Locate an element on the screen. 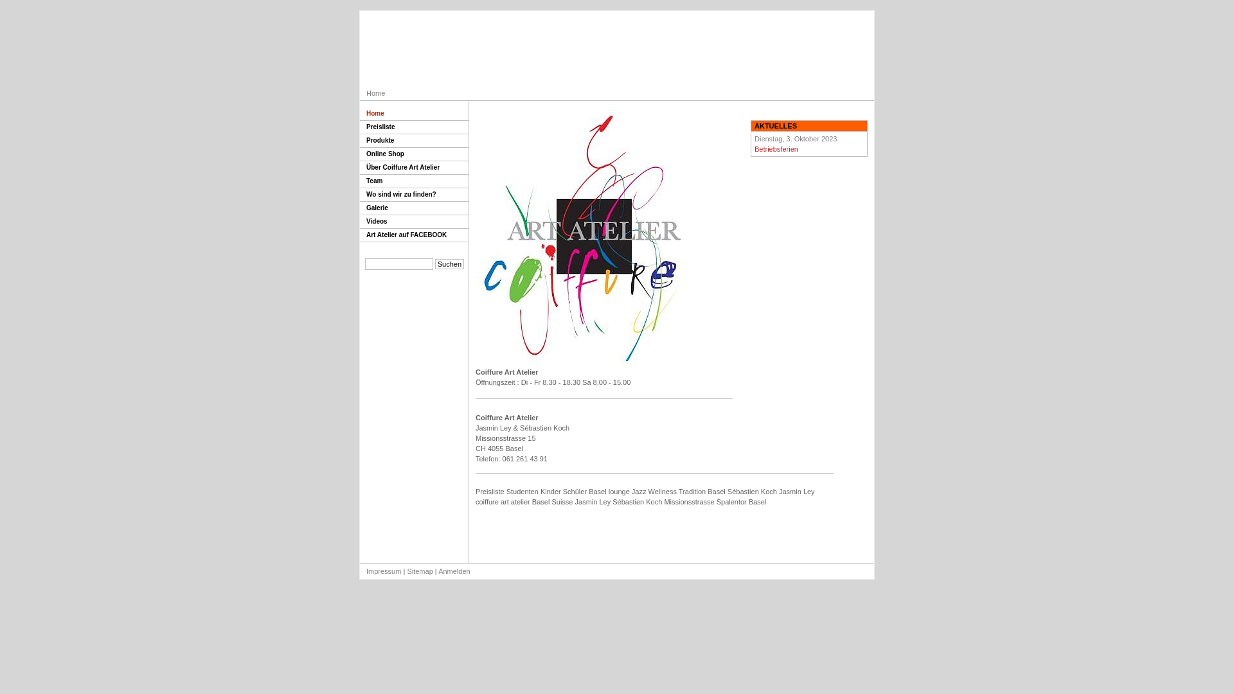 Image resolution: width=1234 pixels, height=694 pixels. 'lounge' is located at coordinates (619, 491).